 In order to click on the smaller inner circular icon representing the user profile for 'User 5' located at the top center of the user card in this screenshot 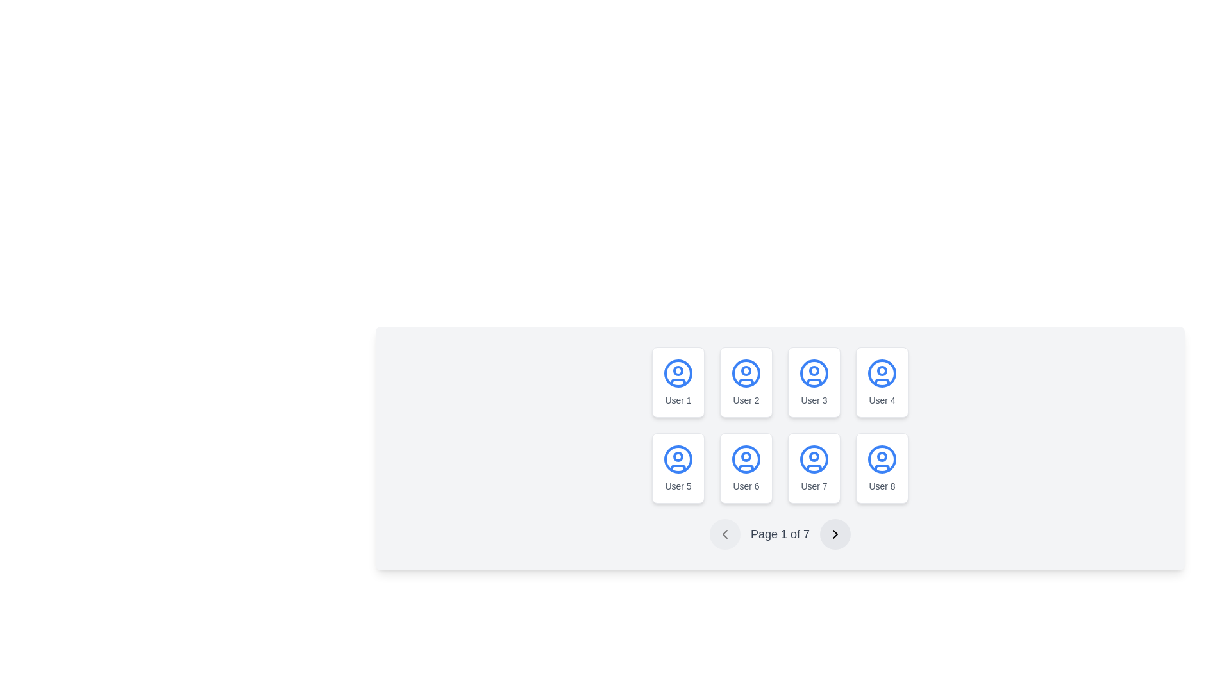, I will do `click(677, 456)`.